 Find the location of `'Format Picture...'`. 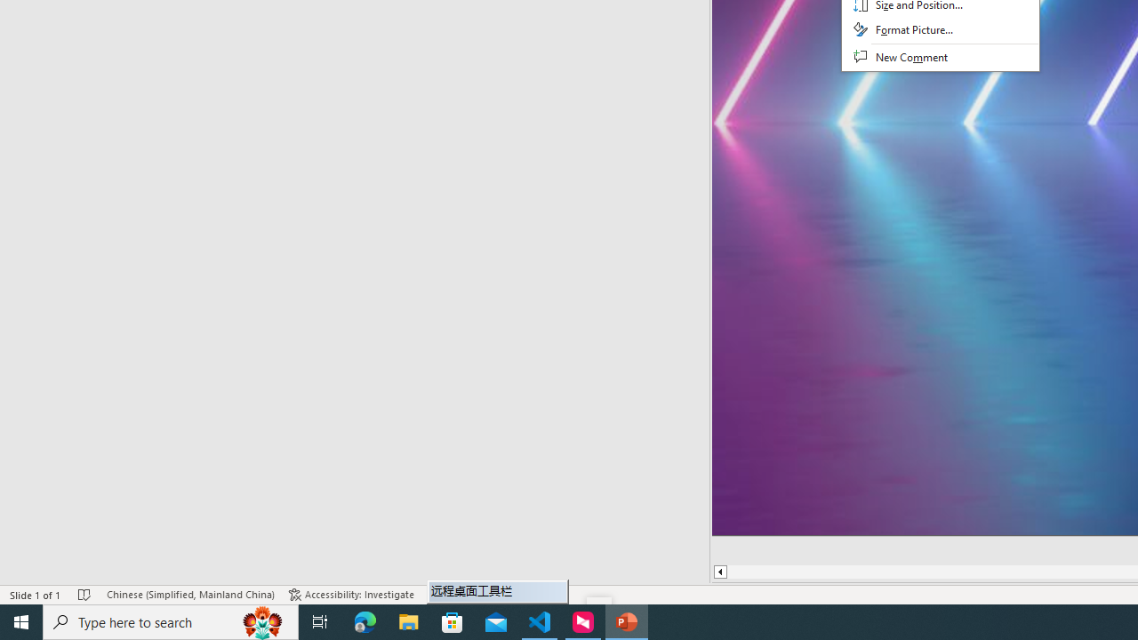

'Format Picture...' is located at coordinates (939, 30).